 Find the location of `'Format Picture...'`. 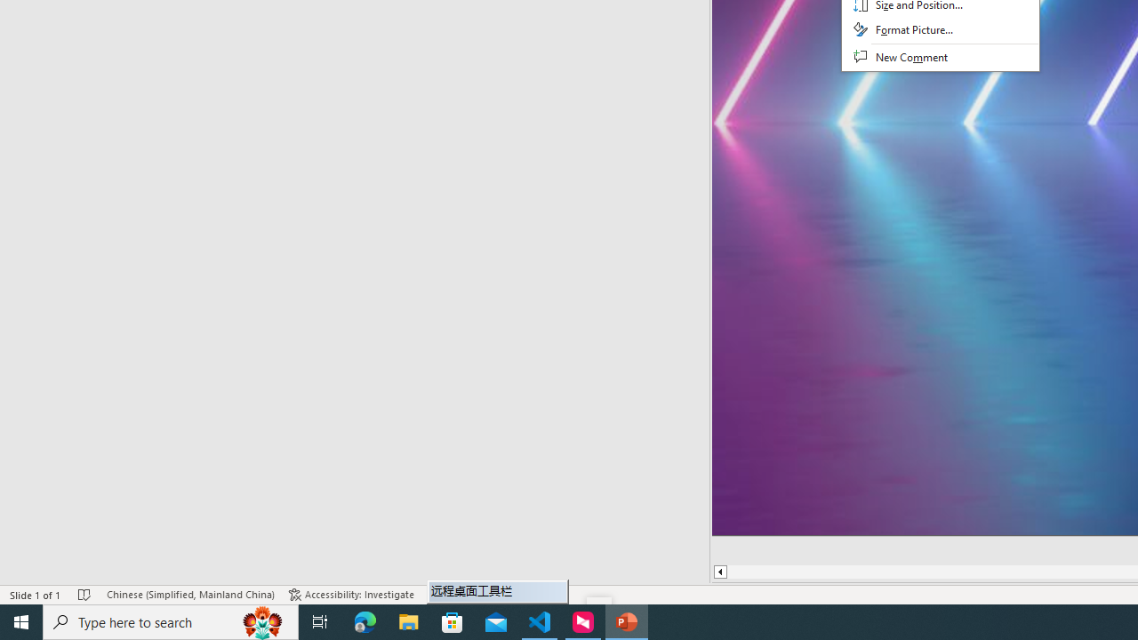

'Format Picture...' is located at coordinates (939, 30).